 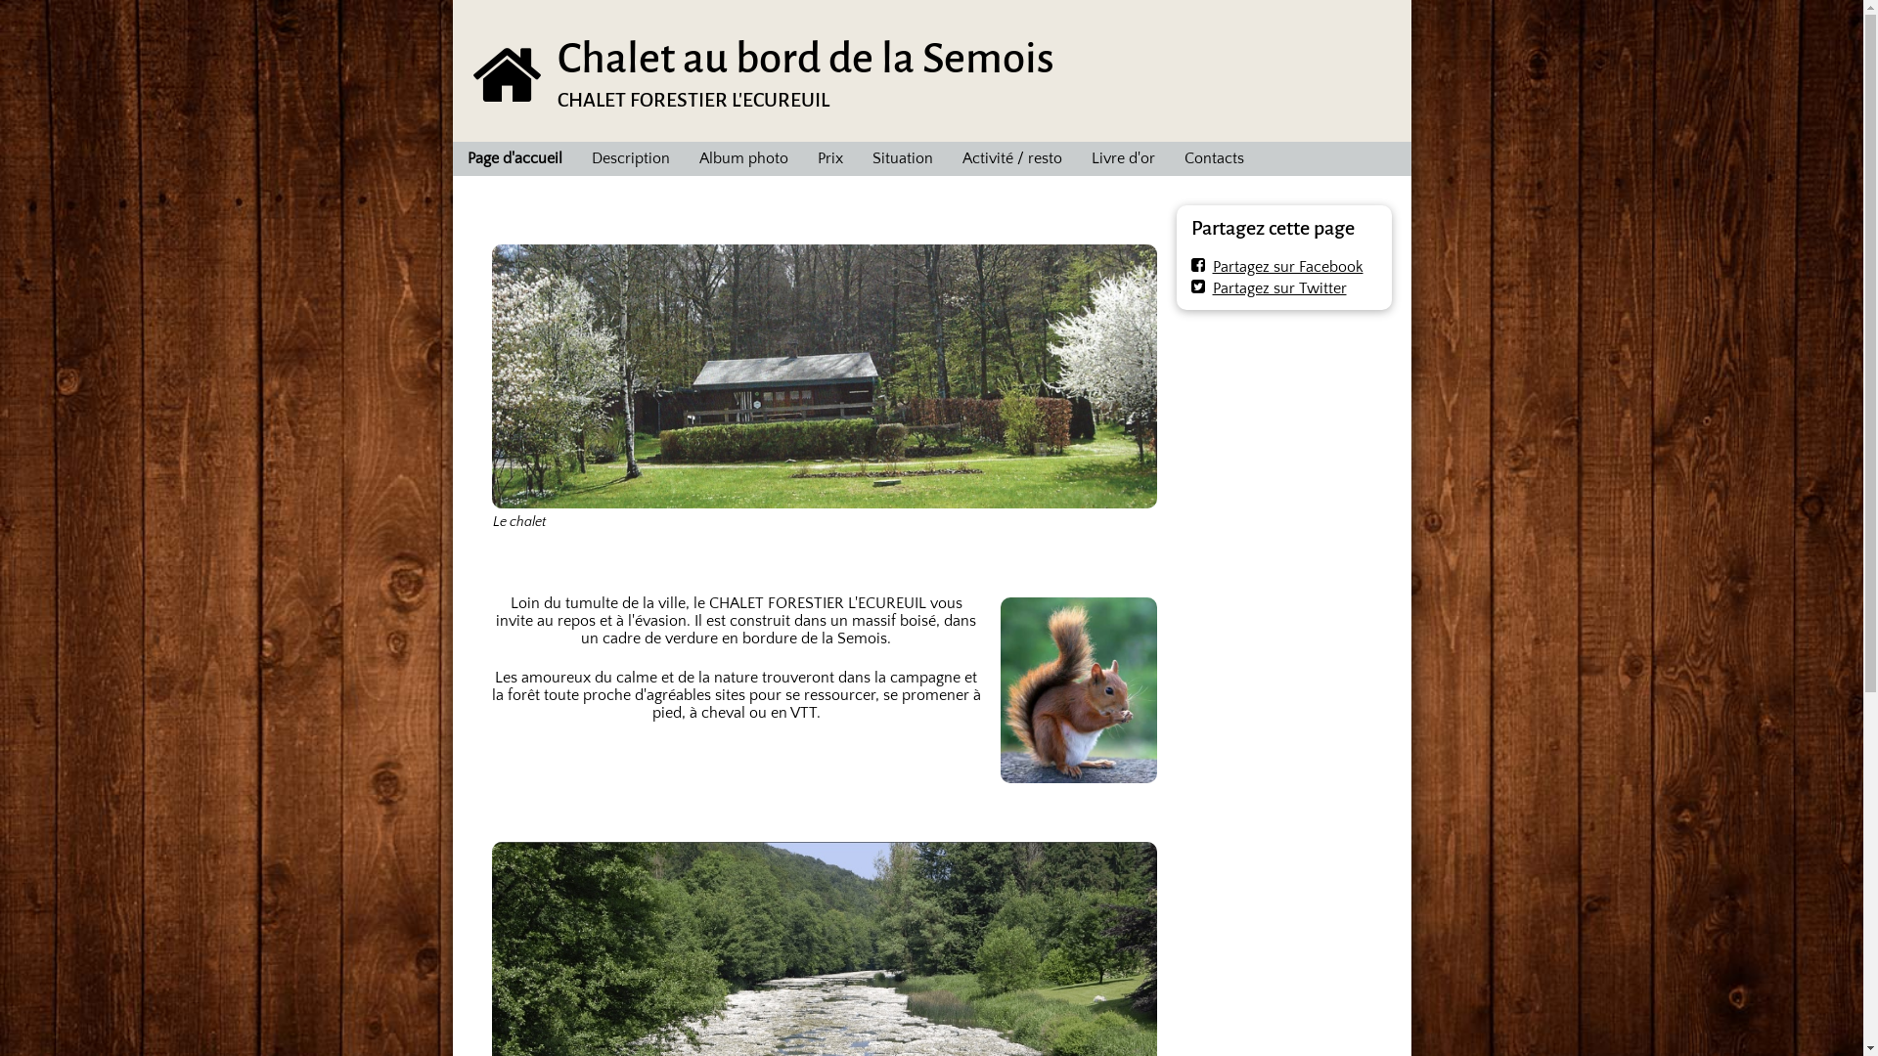 I want to click on 'Partagez sur Twitter', so click(x=1269, y=287).